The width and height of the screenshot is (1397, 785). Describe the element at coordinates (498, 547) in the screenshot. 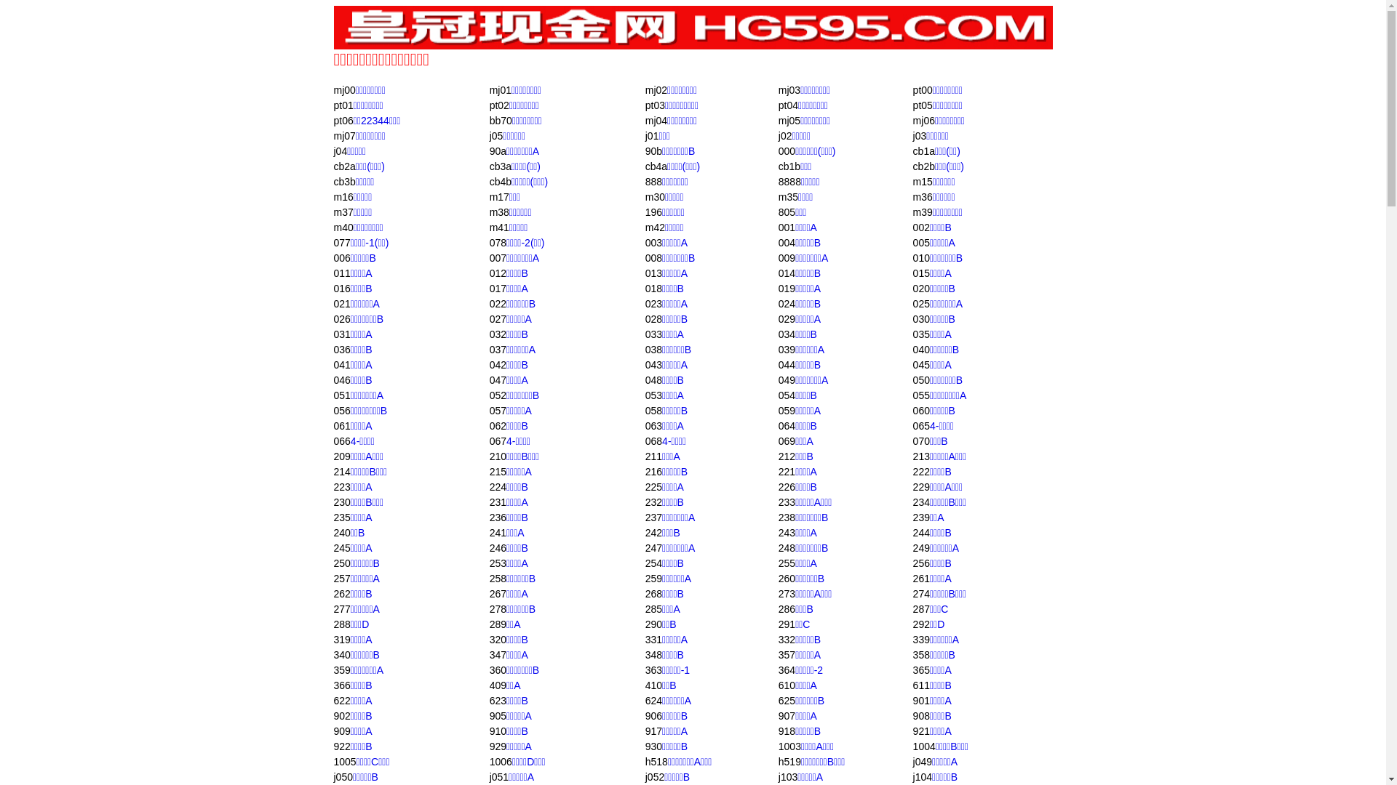

I see `'246'` at that location.